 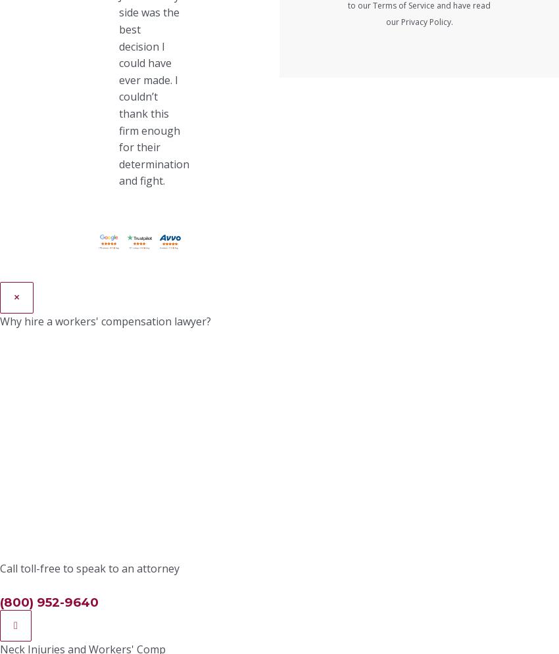 What do you see at coordinates (99, 162) in the screenshot?
I see `'Medical expense'` at bounding box center [99, 162].